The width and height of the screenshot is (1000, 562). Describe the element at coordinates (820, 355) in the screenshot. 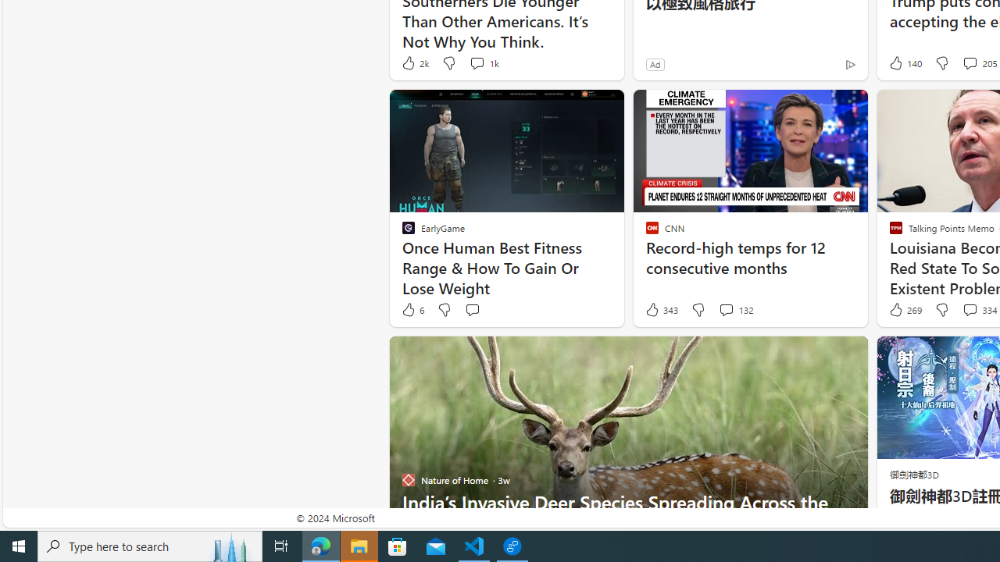

I see `'Hide this story'` at that location.